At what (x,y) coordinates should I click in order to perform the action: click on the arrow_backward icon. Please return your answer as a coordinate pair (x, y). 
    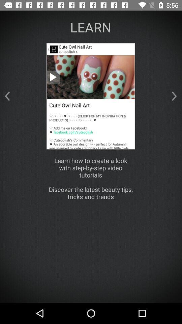
    Looking at the image, I should click on (7, 96).